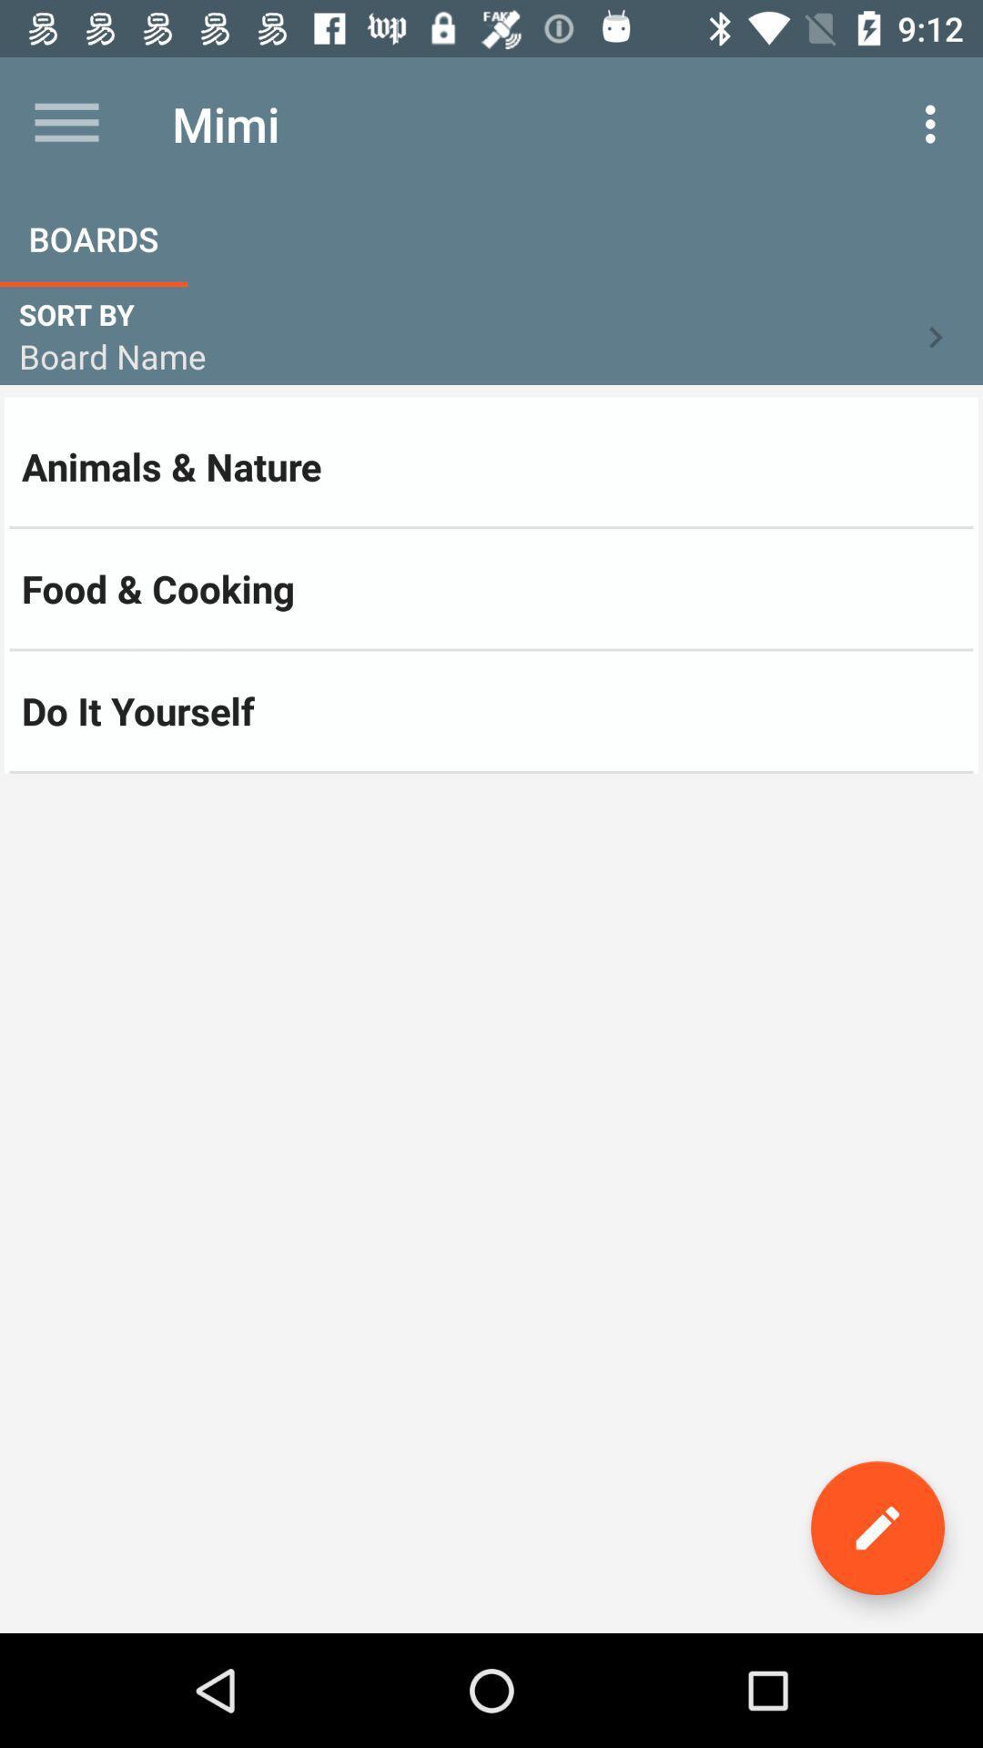 The image size is (983, 1748). I want to click on edit information, so click(877, 1528).